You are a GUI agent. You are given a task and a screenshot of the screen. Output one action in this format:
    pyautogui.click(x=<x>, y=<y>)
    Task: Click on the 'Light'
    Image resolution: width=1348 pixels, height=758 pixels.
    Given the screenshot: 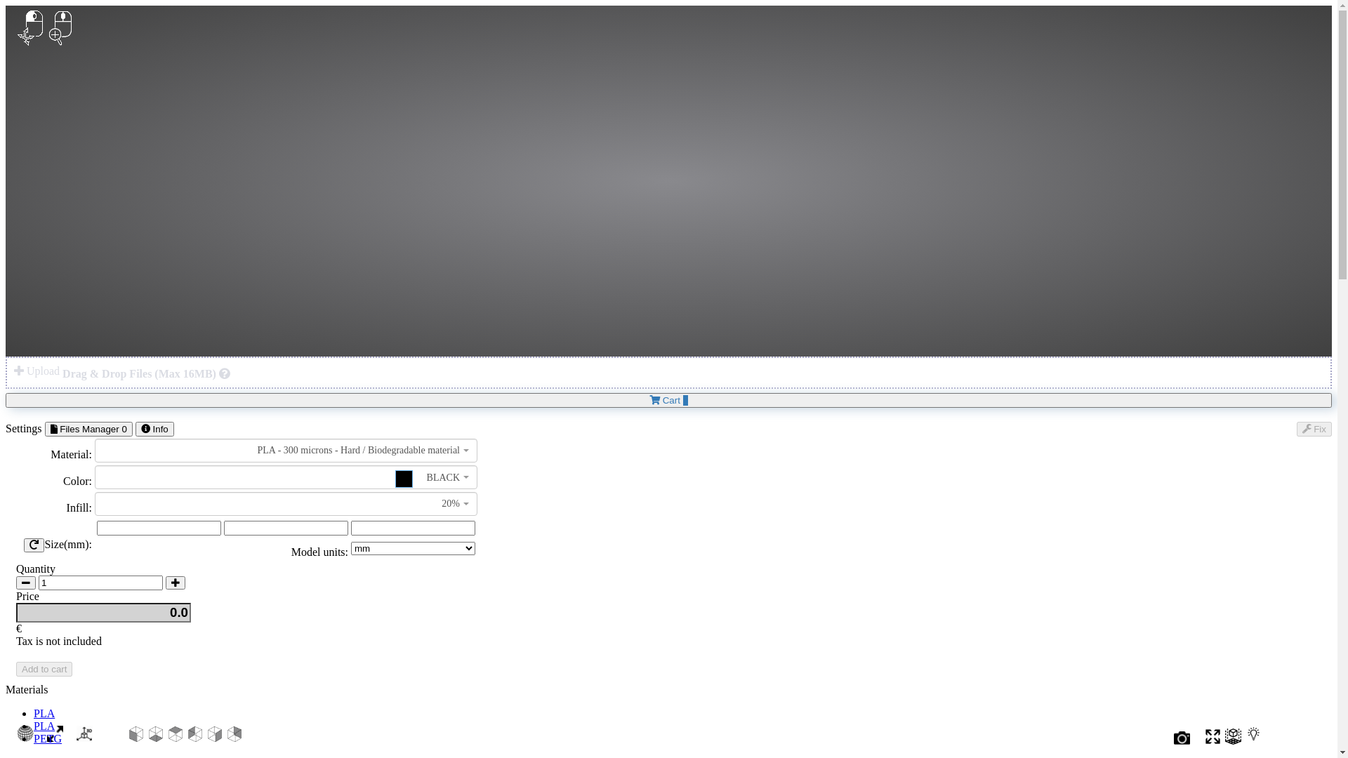 What is the action you would take?
    pyautogui.click(x=1253, y=740)
    